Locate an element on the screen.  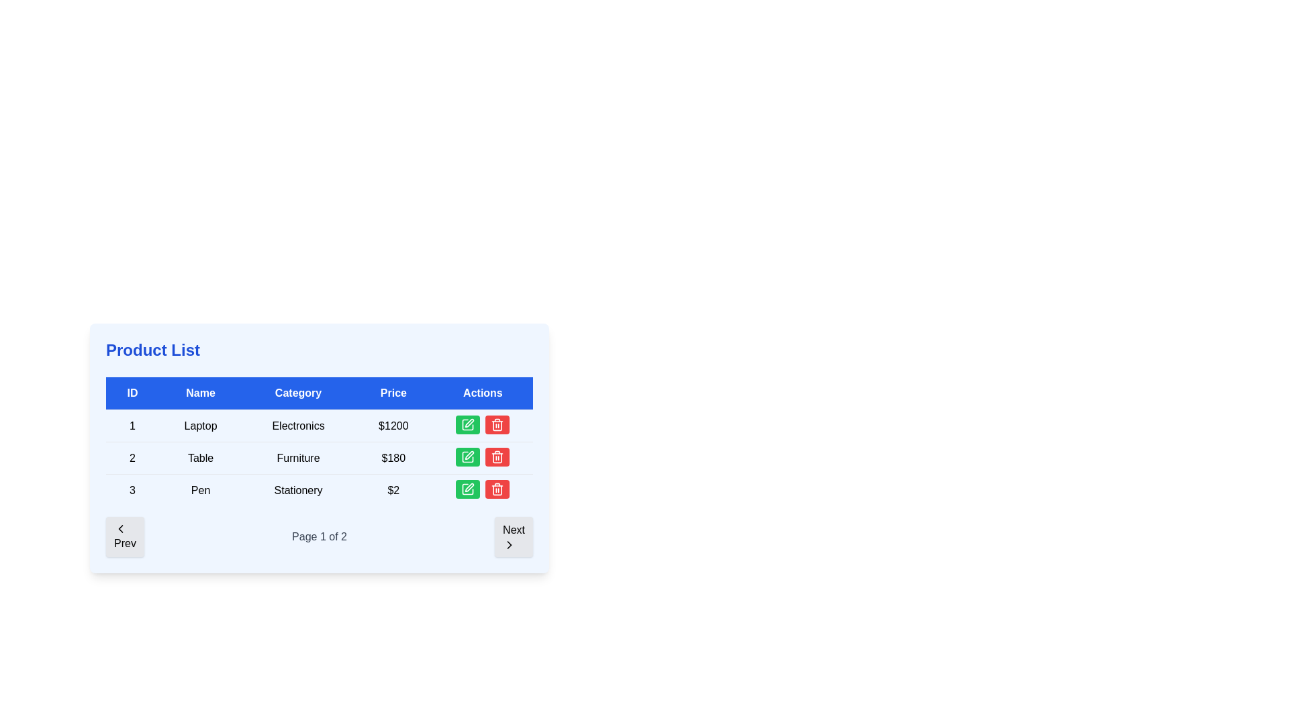
the red delete icon in the actions column of the third row in the product list table is located at coordinates (497, 424).